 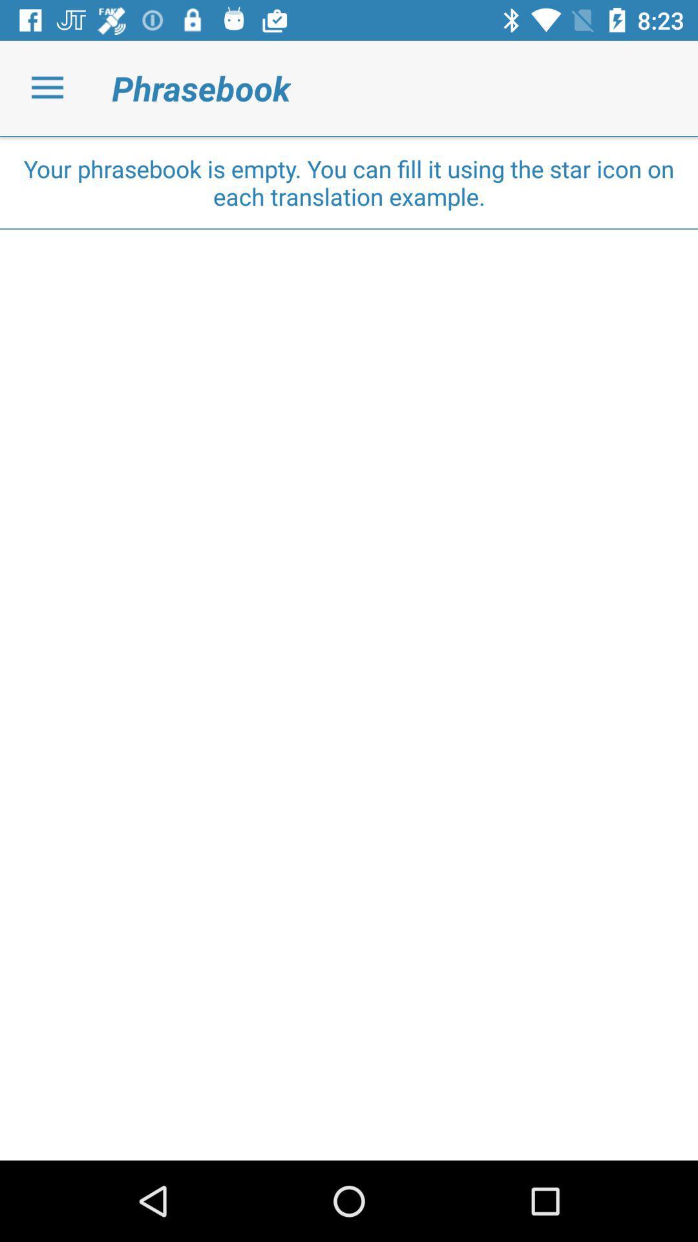 I want to click on the your phrasebook is icon, so click(x=349, y=182).